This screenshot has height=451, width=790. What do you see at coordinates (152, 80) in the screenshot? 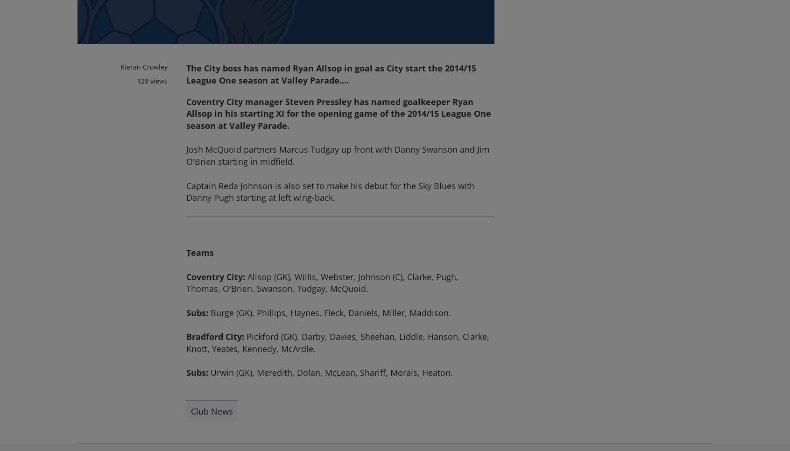
I see `'129 views'` at bounding box center [152, 80].